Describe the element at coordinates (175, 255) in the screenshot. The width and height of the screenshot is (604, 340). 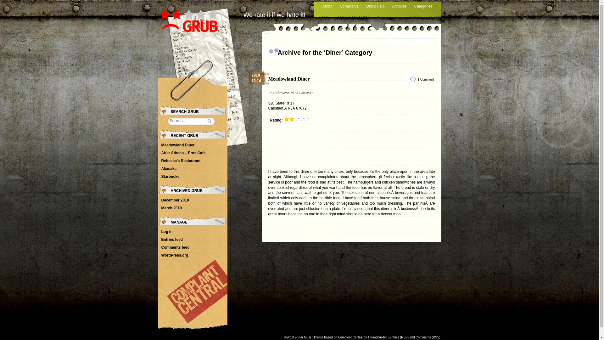
I see `'WordPress.org'` at that location.